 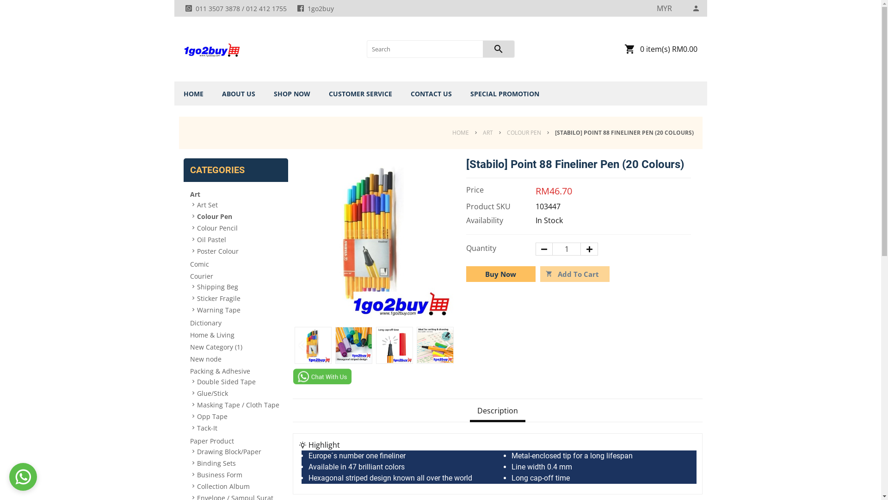 What do you see at coordinates (235, 264) in the screenshot?
I see `'Comic'` at bounding box center [235, 264].